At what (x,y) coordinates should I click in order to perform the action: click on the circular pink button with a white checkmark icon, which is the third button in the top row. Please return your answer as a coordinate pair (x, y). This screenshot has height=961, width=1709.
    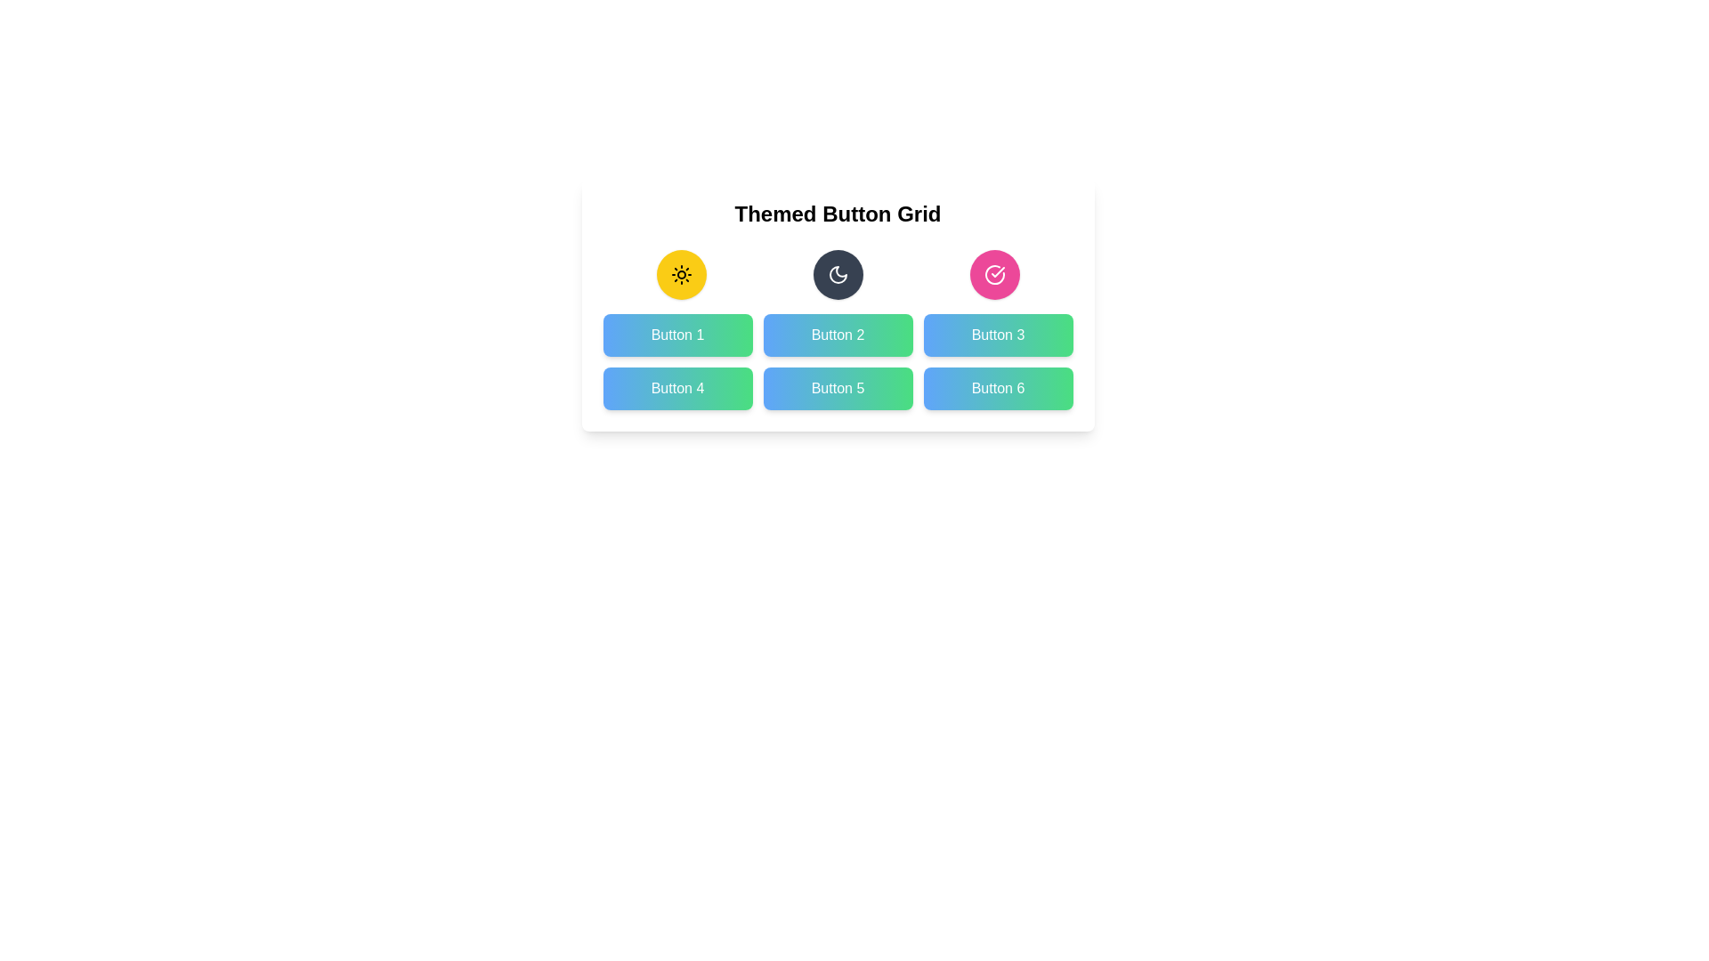
    Looking at the image, I should click on (993, 274).